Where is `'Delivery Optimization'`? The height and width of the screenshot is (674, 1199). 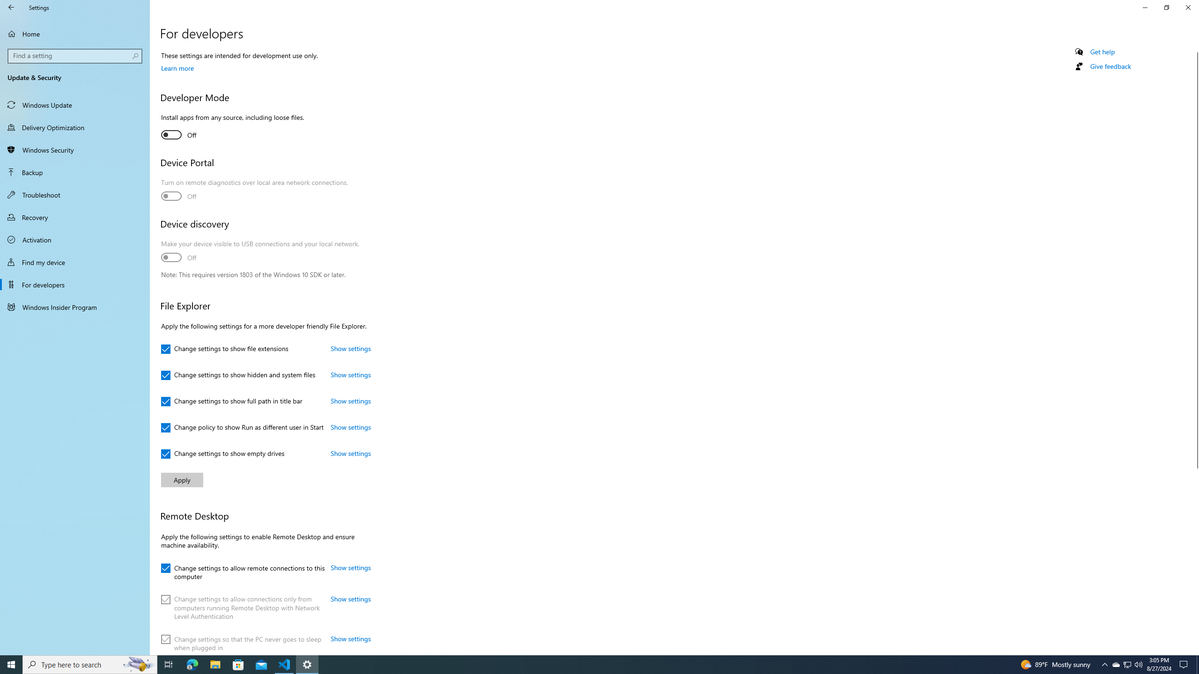 'Delivery Optimization' is located at coordinates (74, 127).